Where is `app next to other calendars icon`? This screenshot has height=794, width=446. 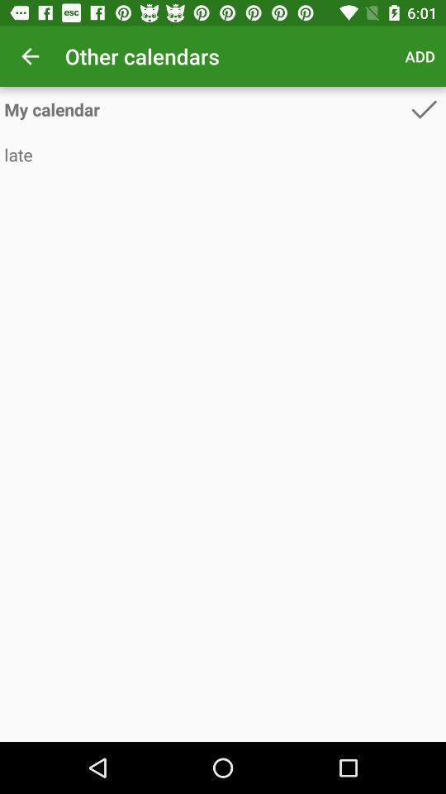
app next to other calendars icon is located at coordinates (30, 56).